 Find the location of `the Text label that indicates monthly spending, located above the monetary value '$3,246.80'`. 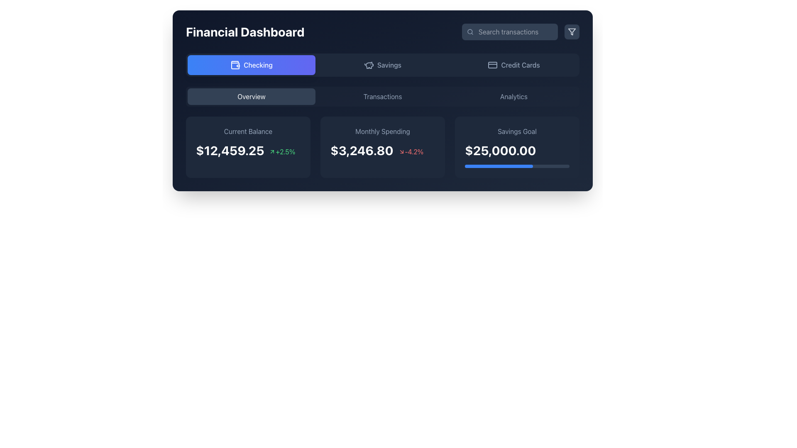

the Text label that indicates monthly spending, located above the monetary value '$3,246.80' is located at coordinates (382, 131).